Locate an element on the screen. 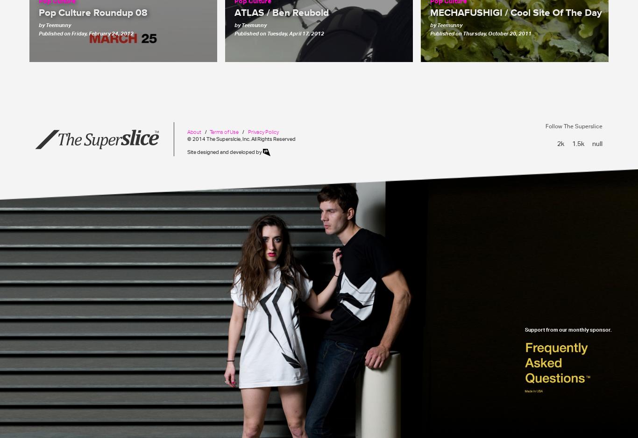 Image resolution: width=638 pixels, height=438 pixels. 'ATLAS / Ben Reubold' is located at coordinates (234, 12).